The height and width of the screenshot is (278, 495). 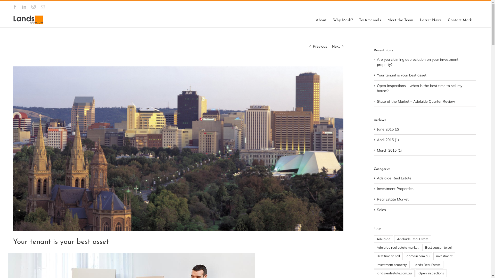 What do you see at coordinates (336, 46) in the screenshot?
I see `'Next'` at bounding box center [336, 46].